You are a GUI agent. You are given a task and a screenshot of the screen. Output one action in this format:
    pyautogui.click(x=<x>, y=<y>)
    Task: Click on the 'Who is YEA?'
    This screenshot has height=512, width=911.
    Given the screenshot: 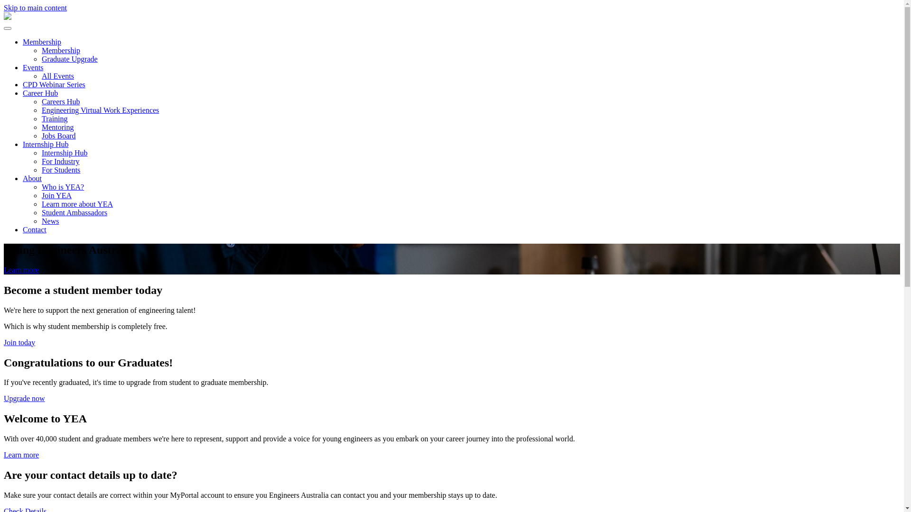 What is the action you would take?
    pyautogui.click(x=62, y=187)
    